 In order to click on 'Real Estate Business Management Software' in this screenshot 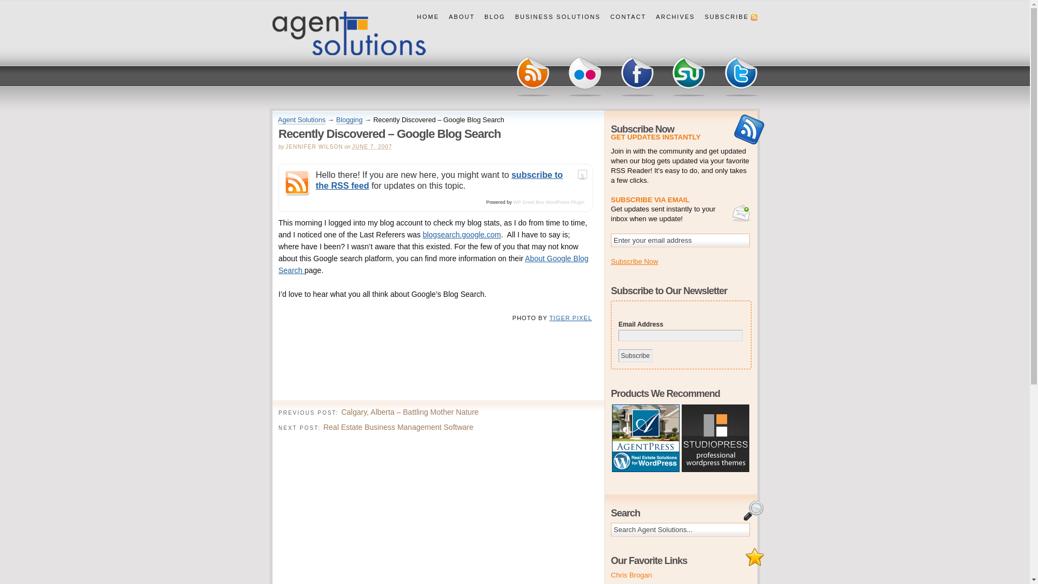, I will do `click(398, 427)`.